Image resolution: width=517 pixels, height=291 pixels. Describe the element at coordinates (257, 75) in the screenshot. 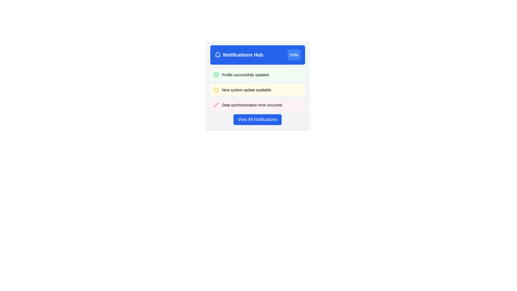

I see `message in the notification box that states 'Profile successfully updated.' which is the first notification under the 'Notifications Hub.'` at that location.